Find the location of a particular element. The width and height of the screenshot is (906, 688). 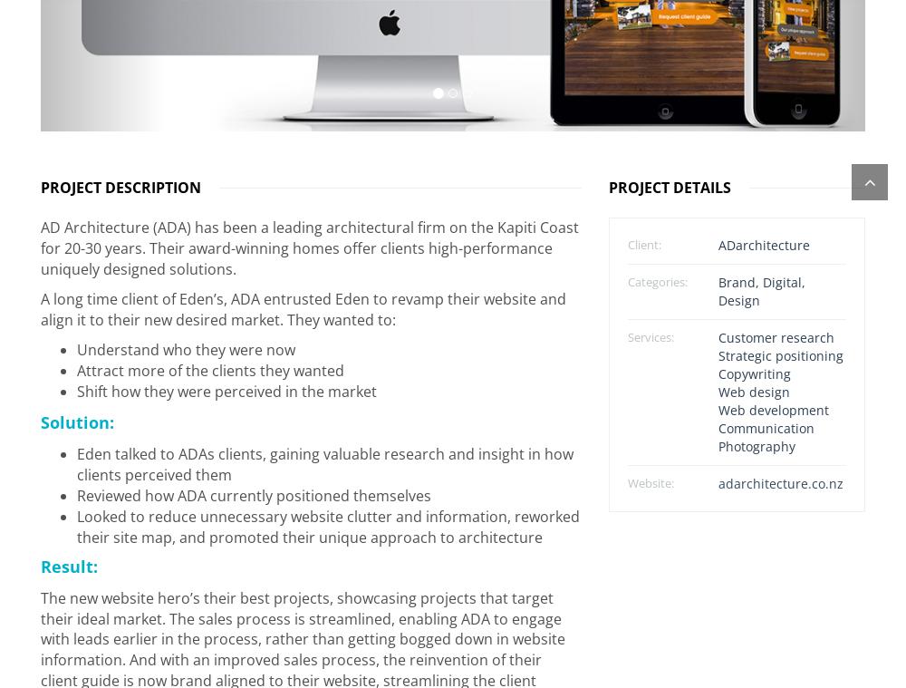

'Categories:' is located at coordinates (626, 273).